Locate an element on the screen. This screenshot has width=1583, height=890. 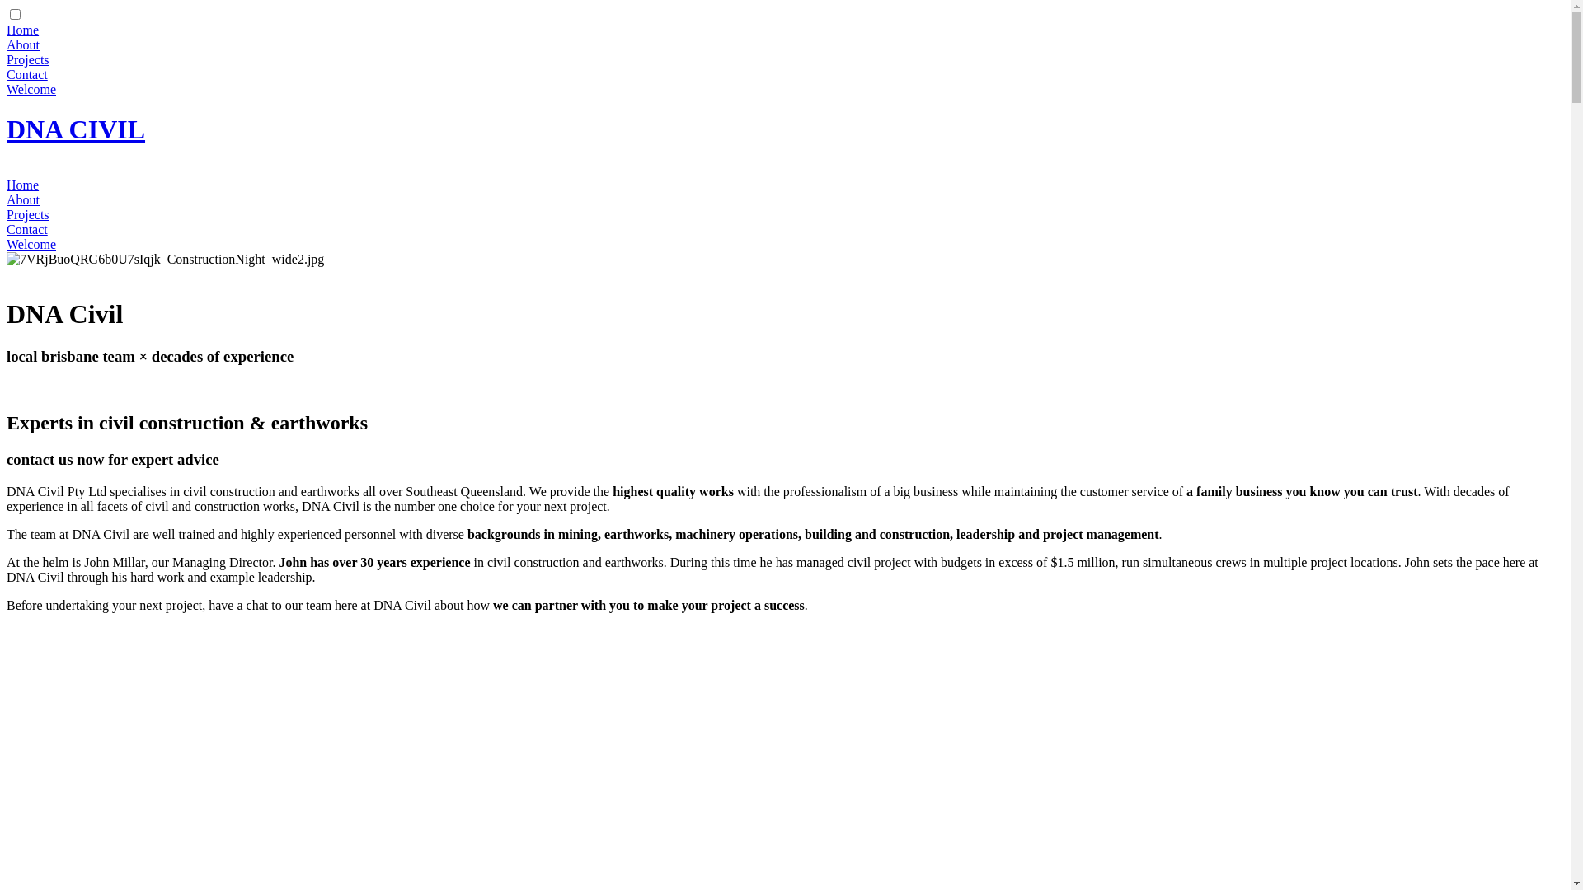
'Projects' is located at coordinates (27, 59).